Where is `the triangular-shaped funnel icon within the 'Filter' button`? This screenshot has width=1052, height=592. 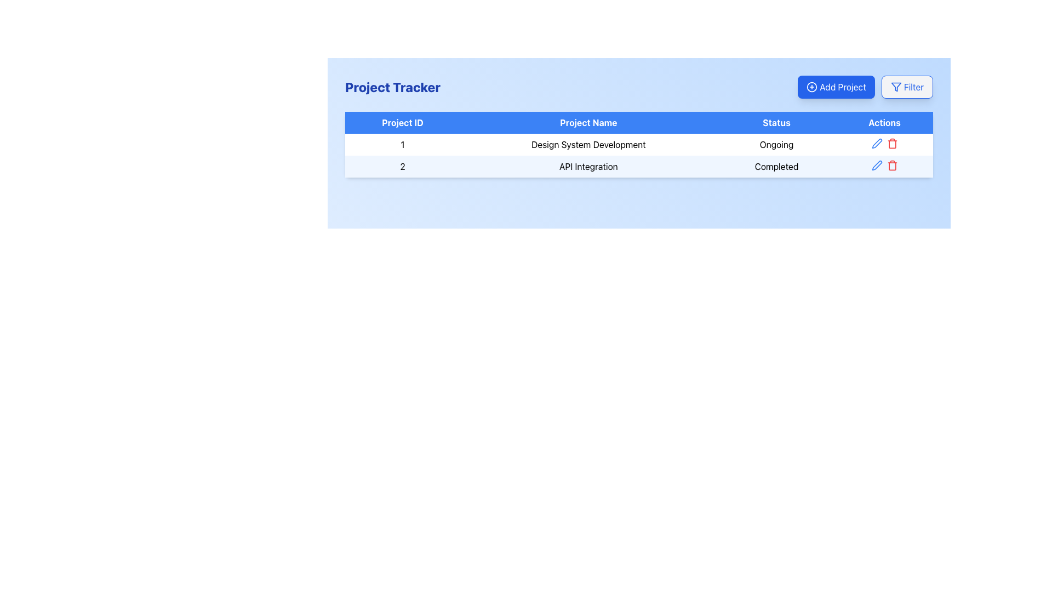 the triangular-shaped funnel icon within the 'Filter' button is located at coordinates (896, 86).